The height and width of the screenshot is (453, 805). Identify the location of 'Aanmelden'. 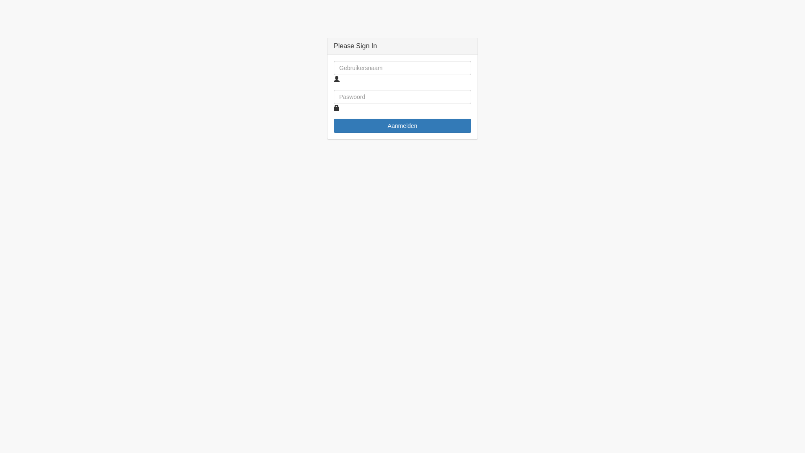
(402, 126).